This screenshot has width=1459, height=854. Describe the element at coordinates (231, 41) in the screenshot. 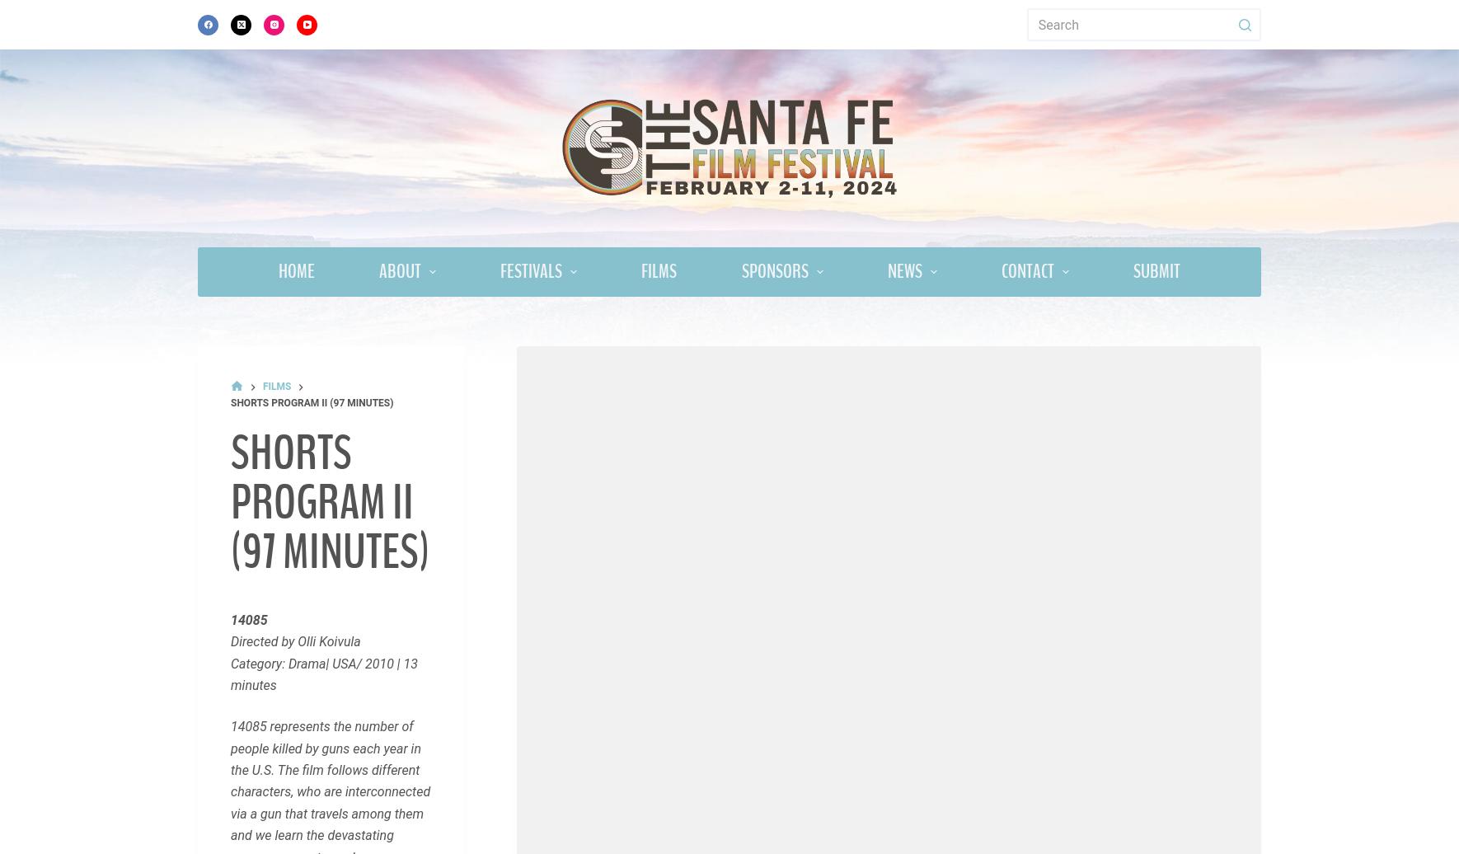

I see `'Category: Drama/Action | PERU/USA  2011 | 10 minutes'` at that location.